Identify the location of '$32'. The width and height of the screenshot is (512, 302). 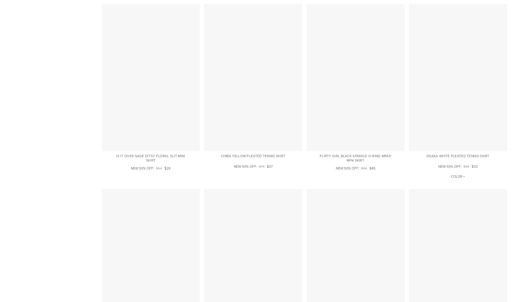
(474, 167).